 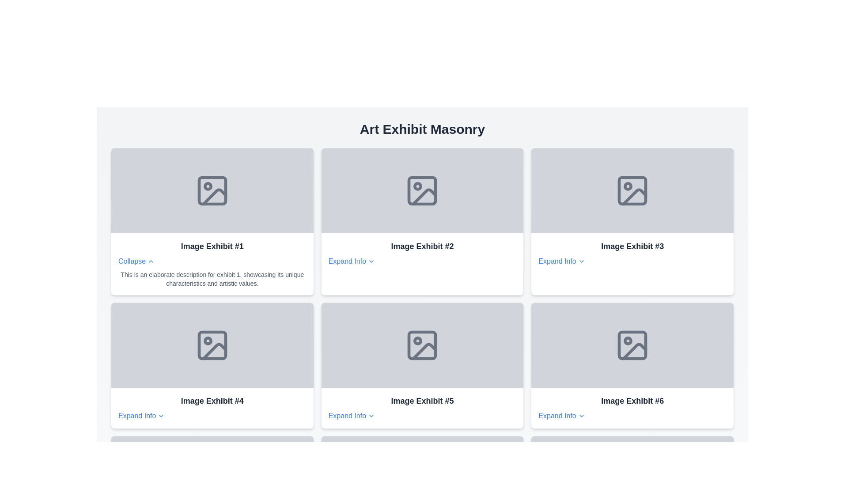 I want to click on the graphical rectangle with rounded corners inside the central image icon of 'Image Exhibit #1', so click(x=212, y=190).